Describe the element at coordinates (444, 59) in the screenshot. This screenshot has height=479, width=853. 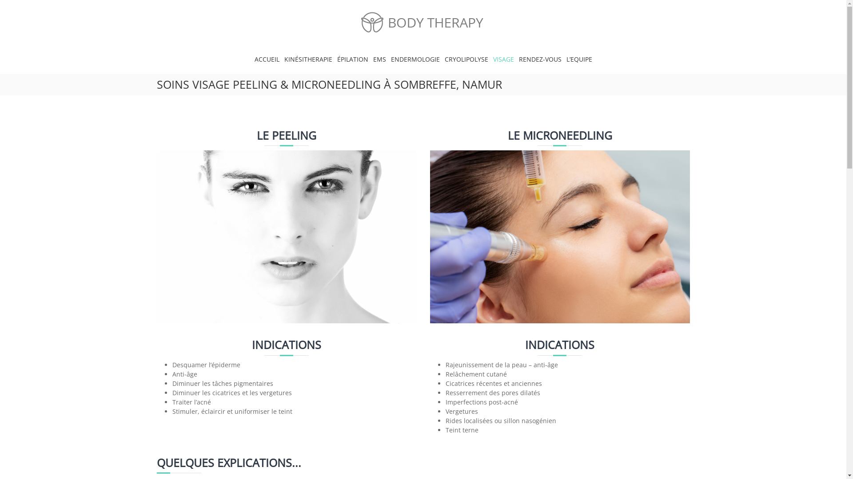
I see `'CRYOLIPOLYSE'` at that location.